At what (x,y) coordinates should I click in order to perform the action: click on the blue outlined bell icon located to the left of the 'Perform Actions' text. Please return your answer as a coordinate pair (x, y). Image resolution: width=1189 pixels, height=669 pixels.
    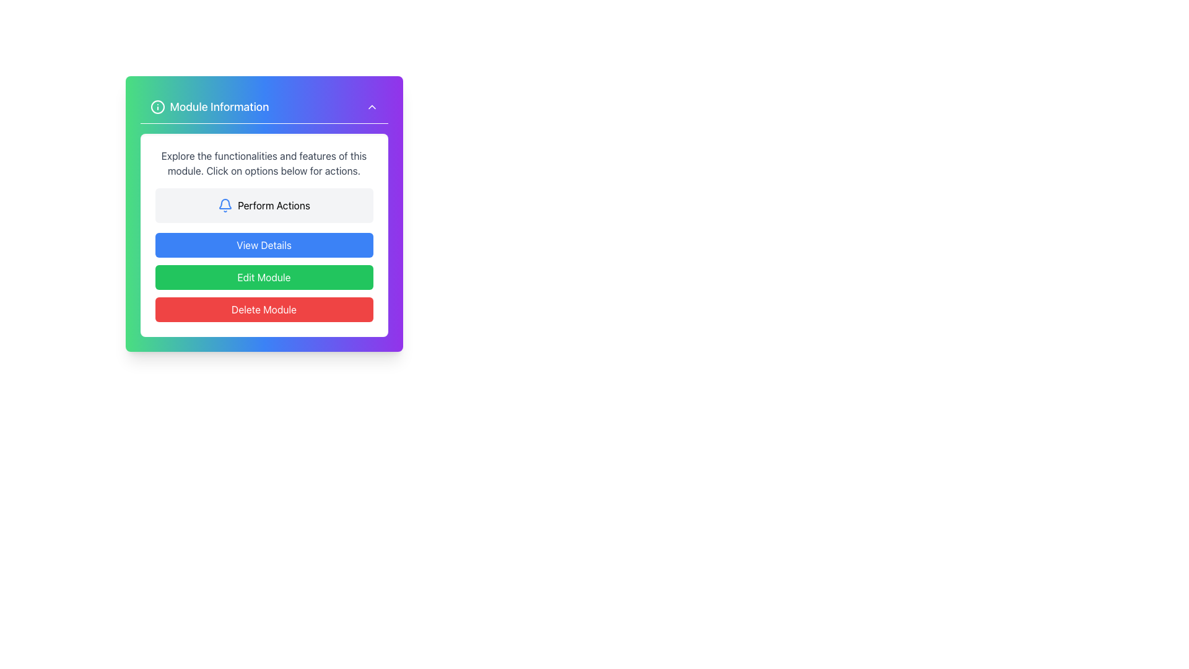
    Looking at the image, I should click on (225, 204).